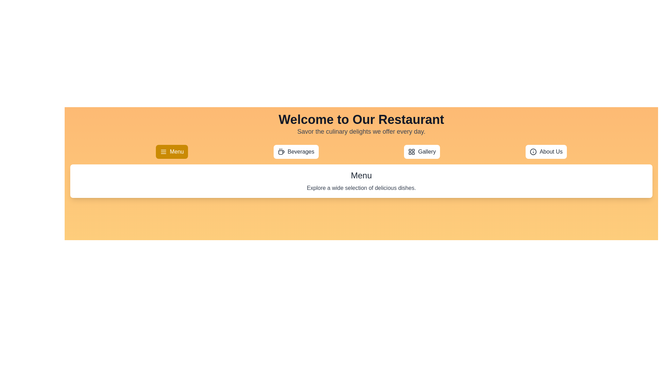 The height and width of the screenshot is (377, 671). I want to click on the Menu tab to view its content, so click(172, 151).